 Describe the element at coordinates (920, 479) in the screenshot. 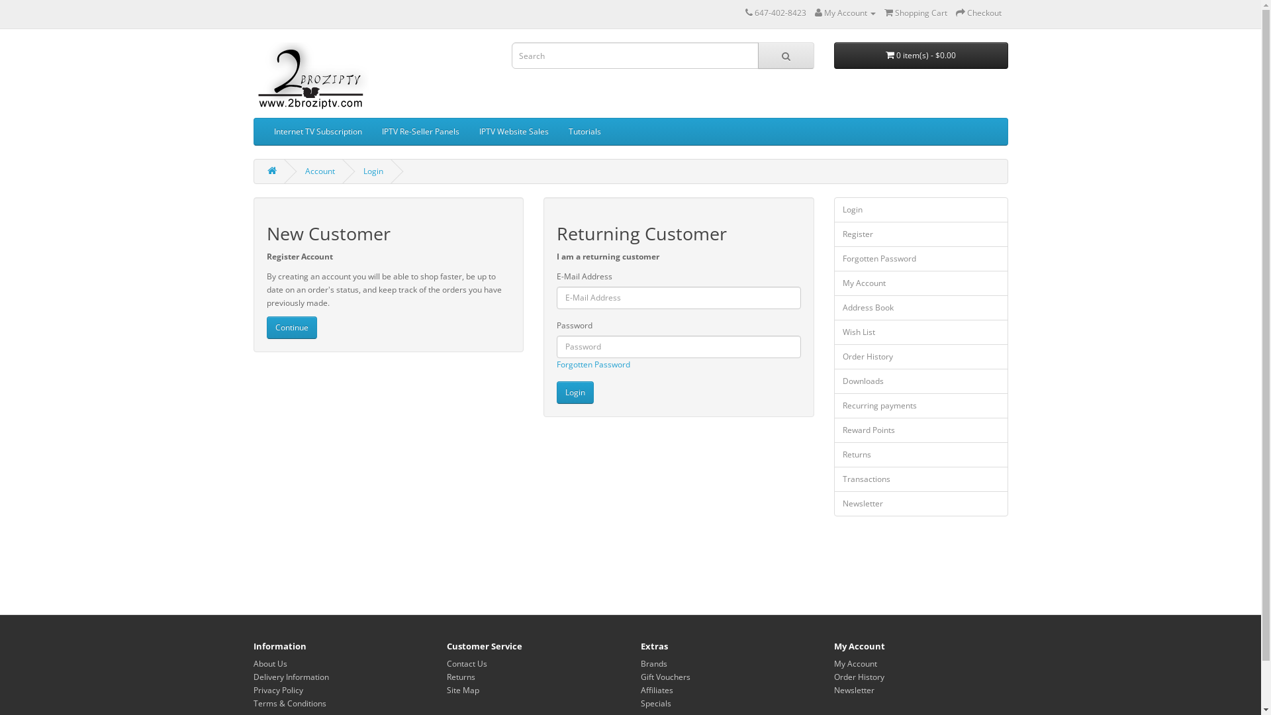

I see `'Transactions'` at that location.